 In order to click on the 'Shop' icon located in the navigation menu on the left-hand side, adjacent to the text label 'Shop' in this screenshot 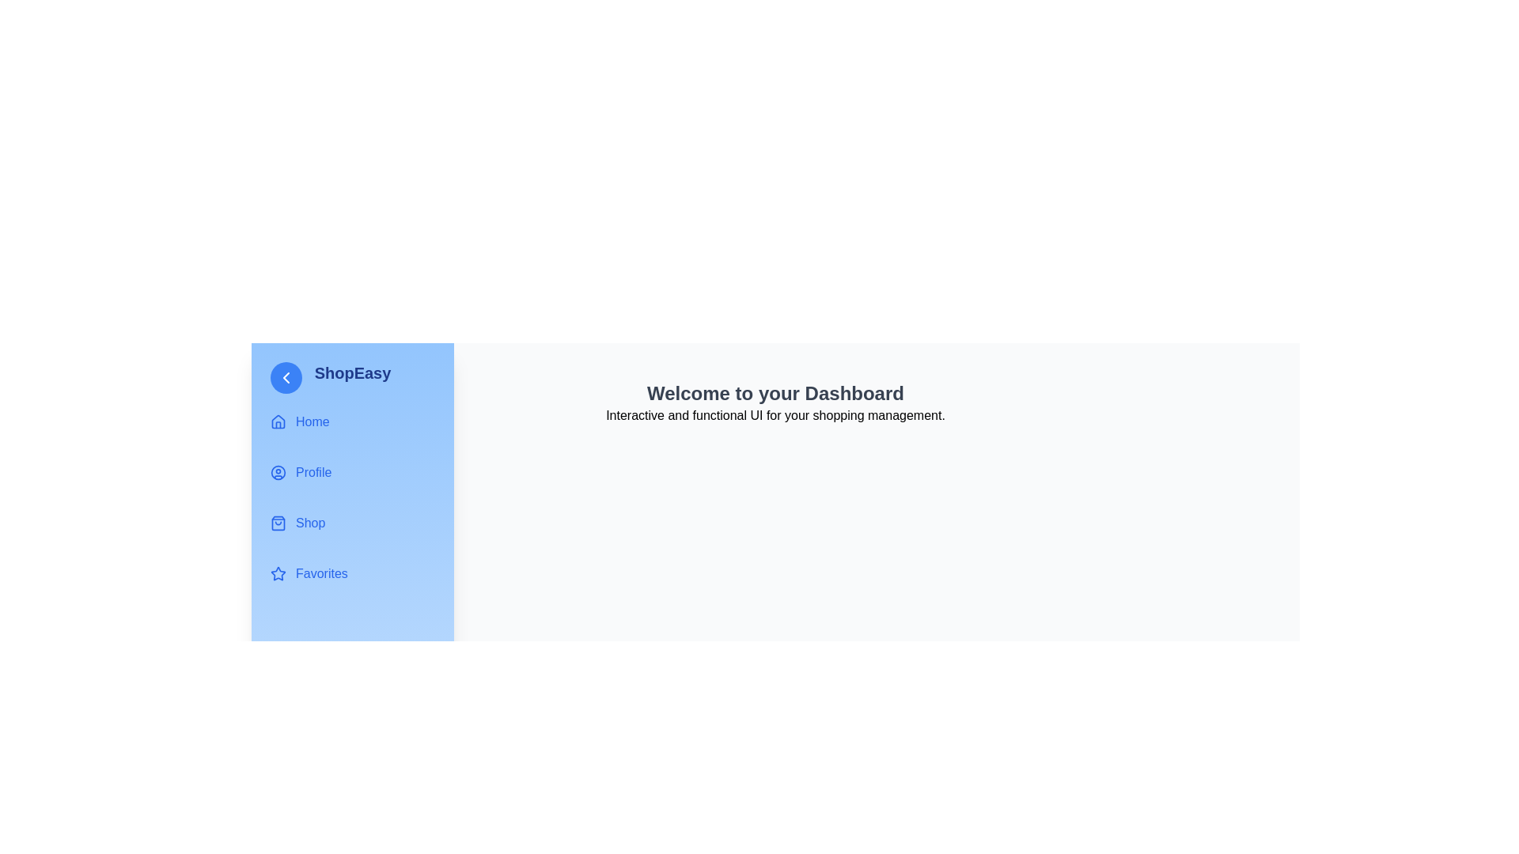, I will do `click(278, 523)`.